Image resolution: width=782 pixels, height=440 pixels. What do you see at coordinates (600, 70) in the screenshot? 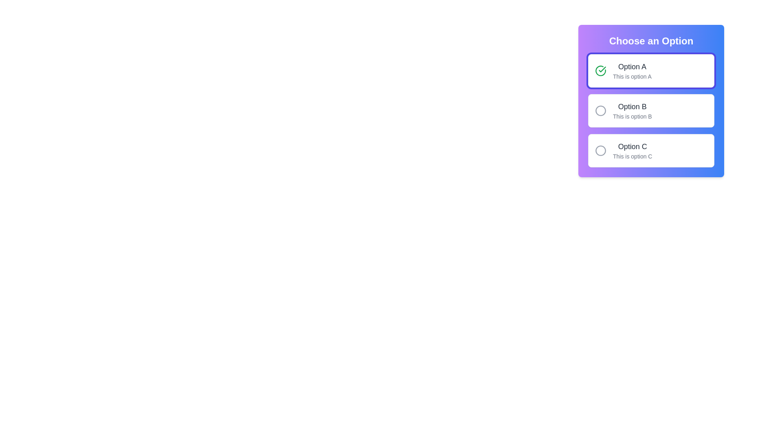
I see `the circular icon with a green checkmark inside, indicating a completed state, located in the first selection box labeled 'Option A'` at bounding box center [600, 70].